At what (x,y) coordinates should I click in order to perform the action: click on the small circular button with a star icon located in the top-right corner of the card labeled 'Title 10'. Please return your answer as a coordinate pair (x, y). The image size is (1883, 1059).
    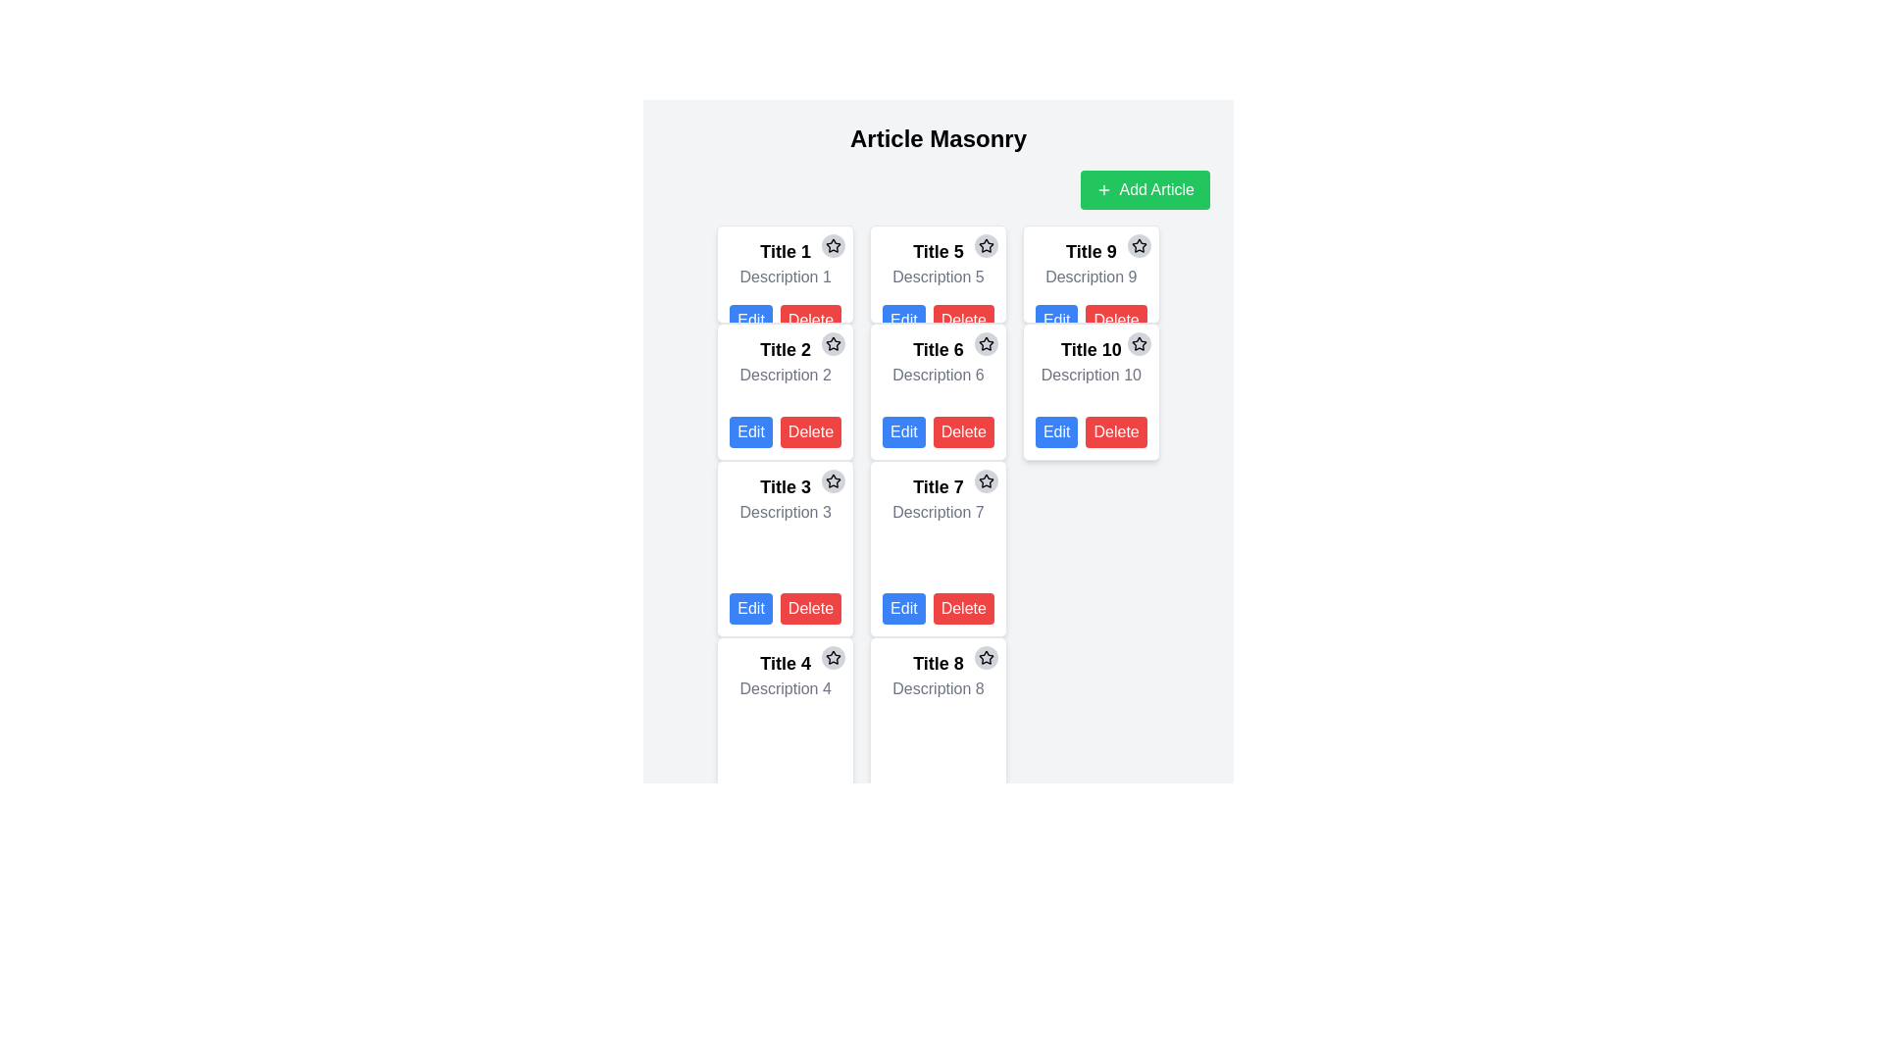
    Looking at the image, I should click on (1139, 343).